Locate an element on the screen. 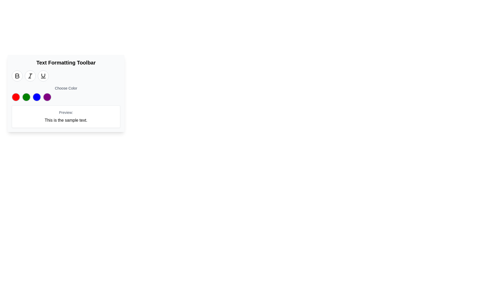  the vertical line component styled as a diagonal stroke within the 'Italic' button of the text formatting toolbar is located at coordinates (30, 76).